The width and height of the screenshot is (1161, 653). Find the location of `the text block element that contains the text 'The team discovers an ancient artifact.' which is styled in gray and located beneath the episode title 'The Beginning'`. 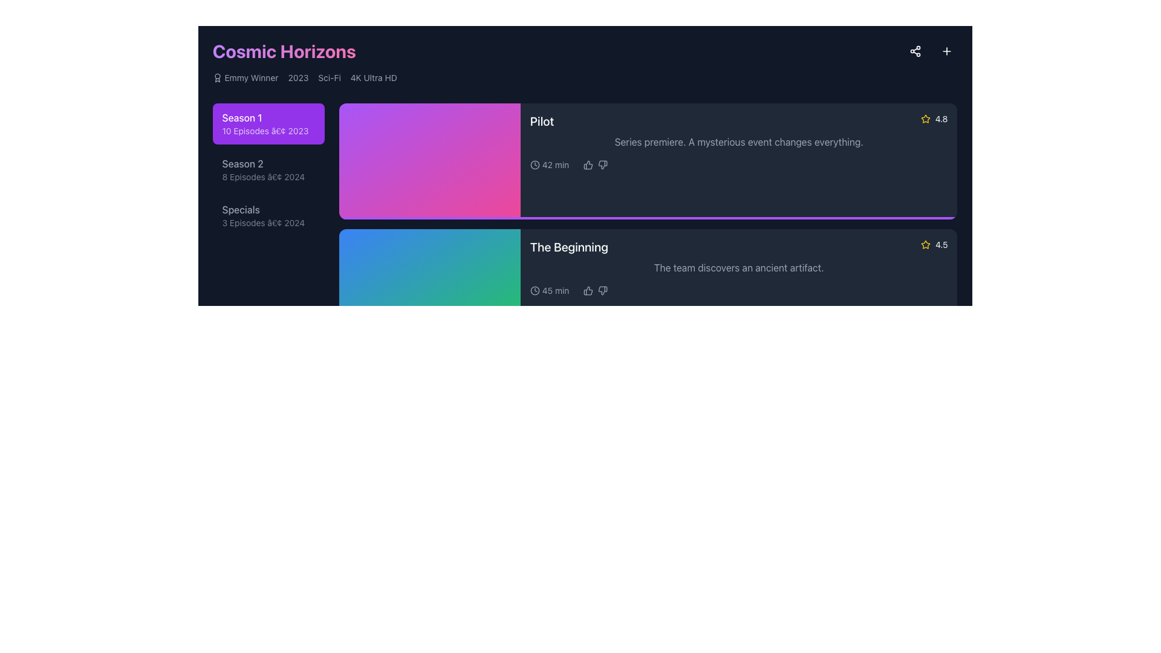

the text block element that contains the text 'The team discovers an ancient artifact.' which is styled in gray and located beneath the episode title 'The Beginning' is located at coordinates (738, 267).